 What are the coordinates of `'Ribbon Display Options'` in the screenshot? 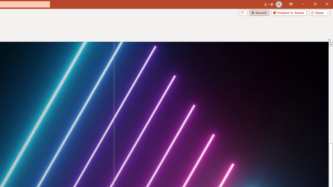 It's located at (291, 4).